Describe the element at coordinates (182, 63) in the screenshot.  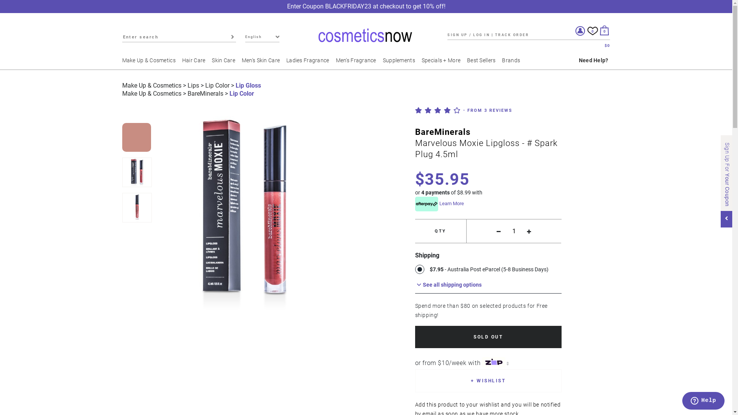
I see `'Hair Care'` at that location.